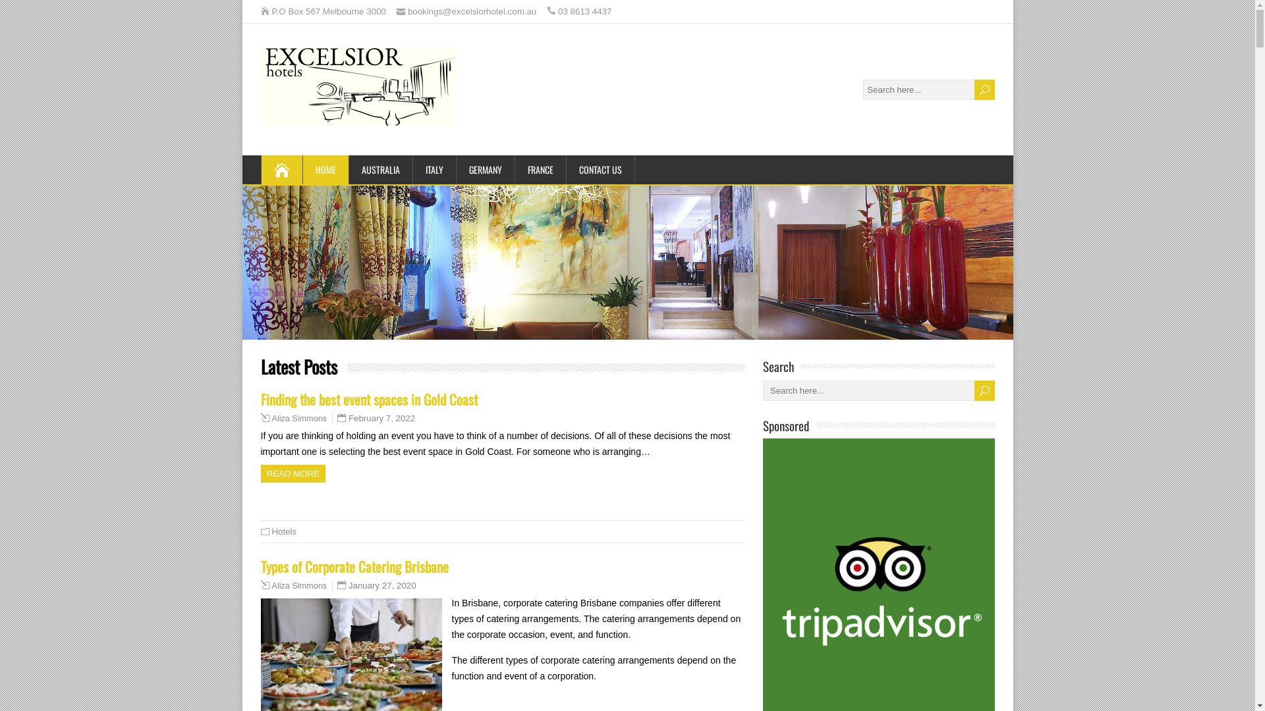 The image size is (1265, 711). I want to click on 'AUSTRALIA', so click(380, 169).